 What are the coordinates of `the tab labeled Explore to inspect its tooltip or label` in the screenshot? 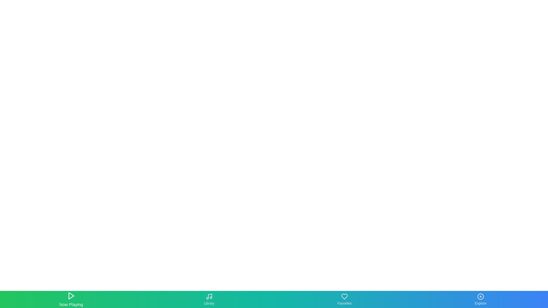 It's located at (480, 299).